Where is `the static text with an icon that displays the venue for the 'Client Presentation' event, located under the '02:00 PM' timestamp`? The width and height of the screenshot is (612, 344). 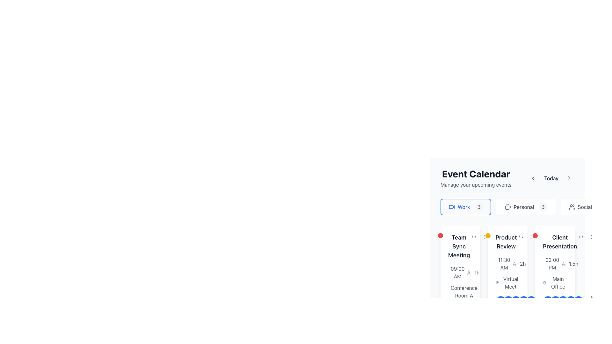 the static text with an icon that displays the venue for the 'Client Presentation' event, located under the '02:00 PM' timestamp is located at coordinates (555, 286).